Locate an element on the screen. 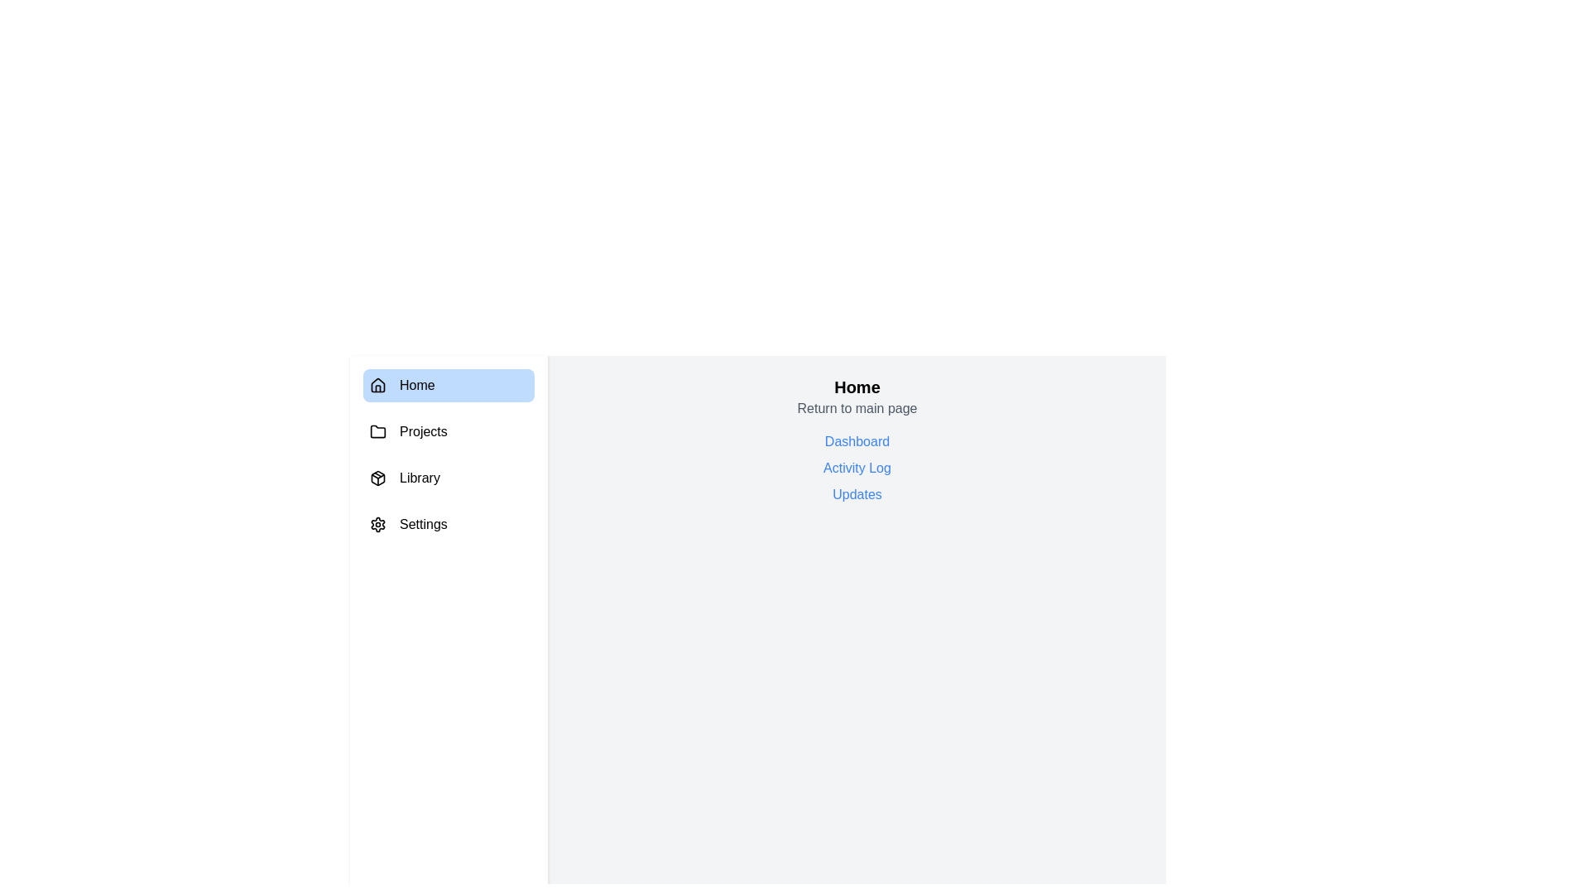 Image resolution: width=1589 pixels, height=894 pixels. the interactive text link list located beneath the 'Return to main page' subtitle to observe the hover effect on the links 'Dashboard', 'Activity Log', and 'Updates' is located at coordinates (857, 469).